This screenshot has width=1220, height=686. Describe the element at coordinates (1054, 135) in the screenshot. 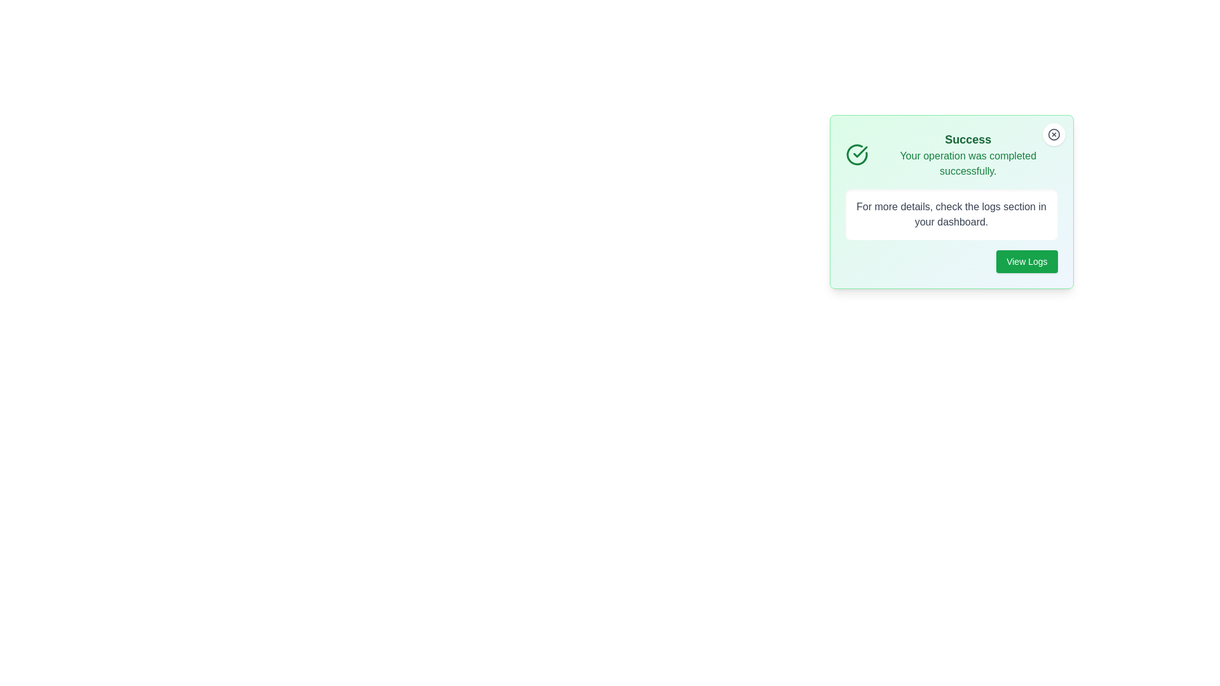

I see `the close button of the notification` at that location.